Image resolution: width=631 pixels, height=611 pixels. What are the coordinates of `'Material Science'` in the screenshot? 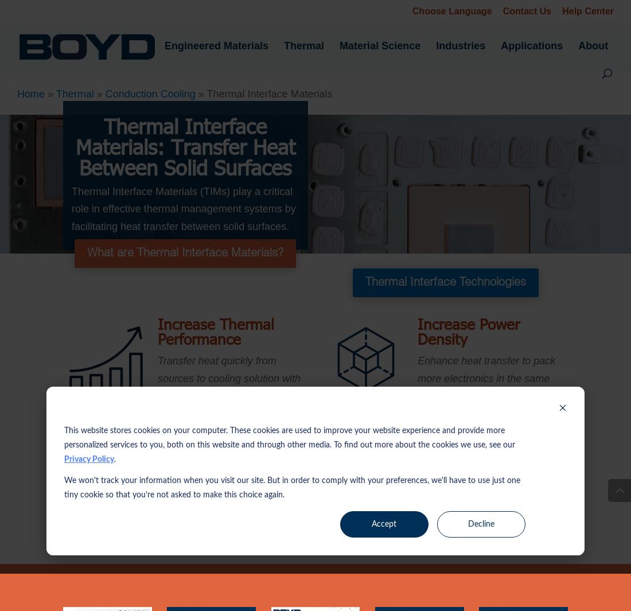 It's located at (380, 45).